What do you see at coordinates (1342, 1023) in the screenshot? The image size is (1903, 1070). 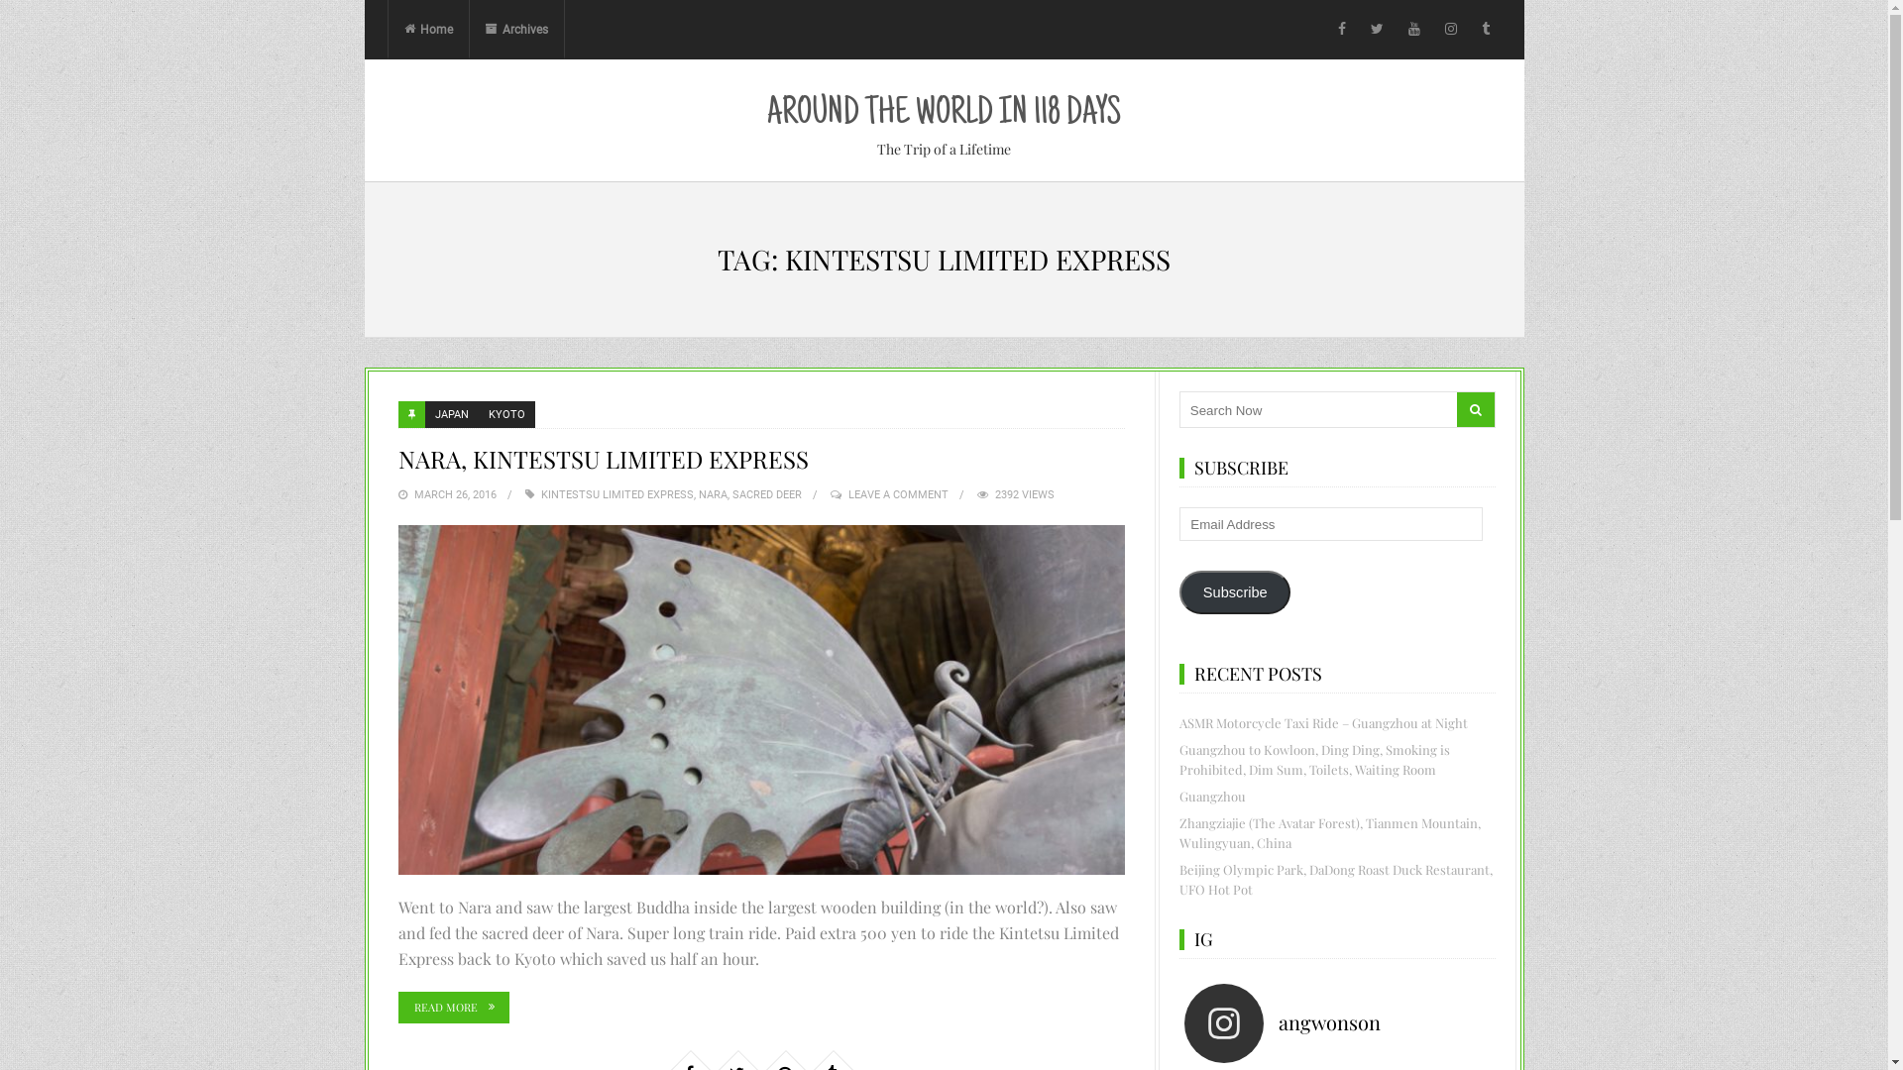 I see `'angwonson'` at bounding box center [1342, 1023].